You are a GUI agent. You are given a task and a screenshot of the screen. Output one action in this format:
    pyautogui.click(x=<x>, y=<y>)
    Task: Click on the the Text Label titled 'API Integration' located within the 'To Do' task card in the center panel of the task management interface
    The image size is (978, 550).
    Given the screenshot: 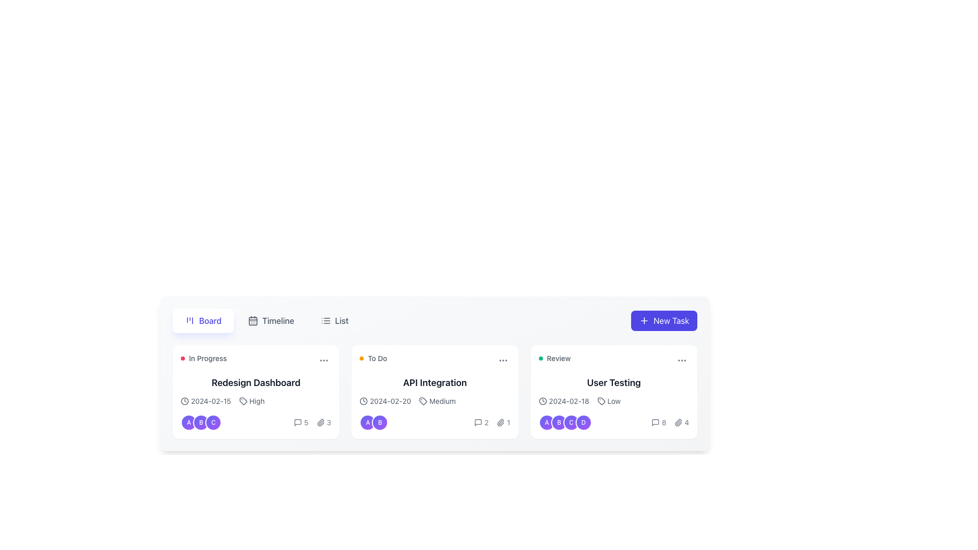 What is the action you would take?
    pyautogui.click(x=435, y=383)
    